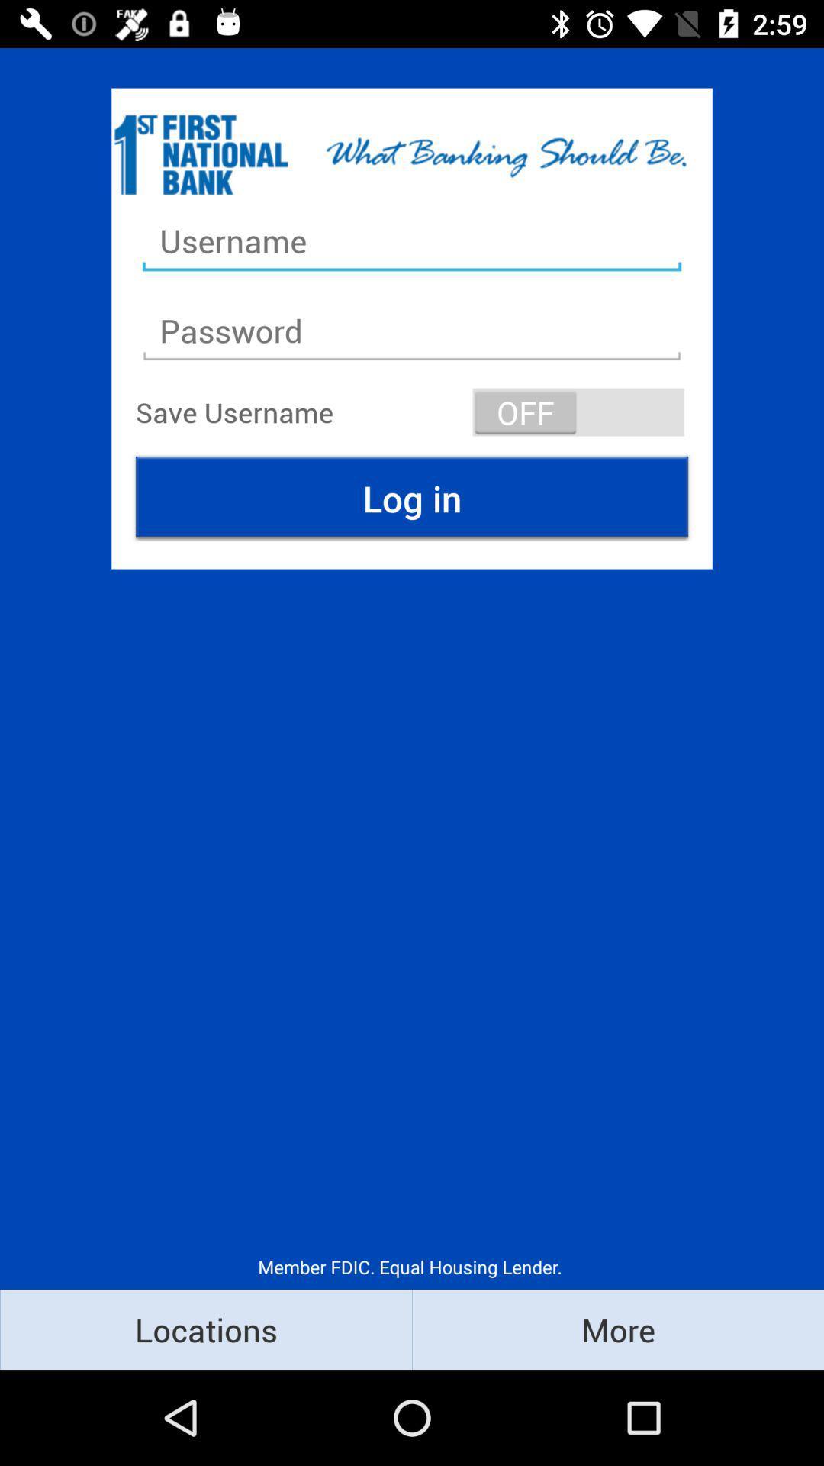 This screenshot has width=824, height=1466. I want to click on the more item, so click(618, 1329).